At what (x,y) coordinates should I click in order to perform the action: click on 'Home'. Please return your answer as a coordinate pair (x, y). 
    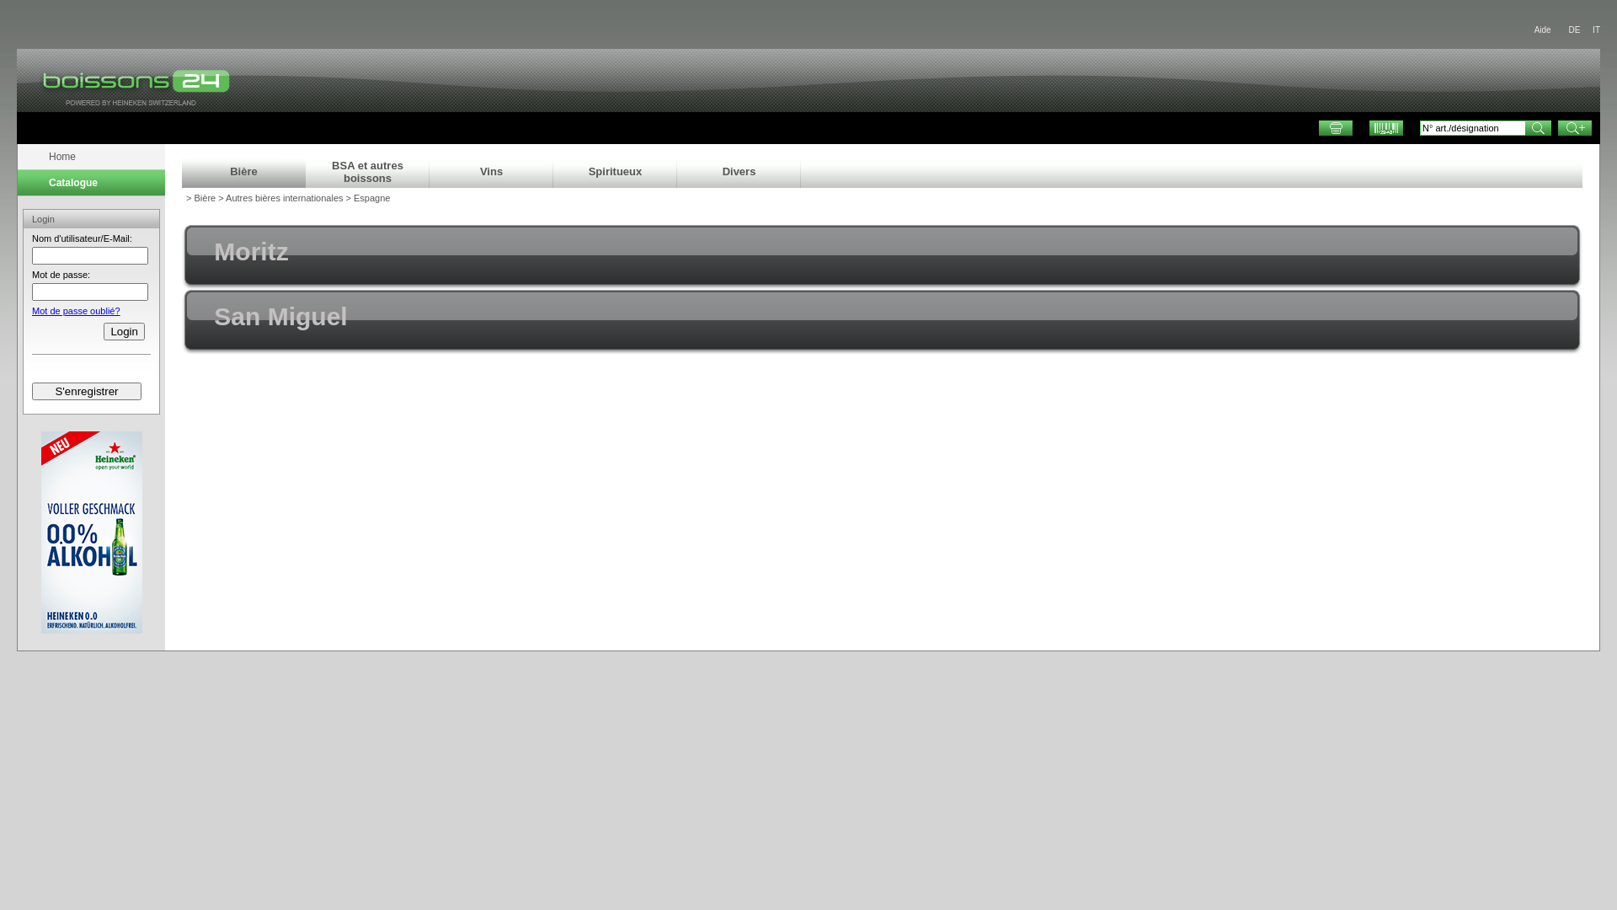
    Looking at the image, I should click on (90, 156).